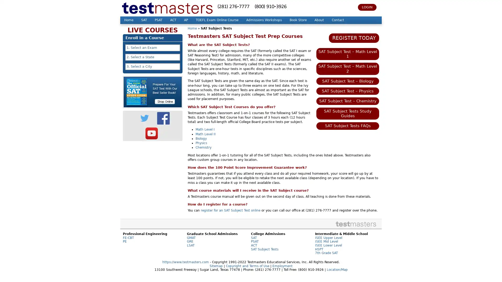 The image size is (502, 282). I want to click on 3. Select a City, so click(152, 66).